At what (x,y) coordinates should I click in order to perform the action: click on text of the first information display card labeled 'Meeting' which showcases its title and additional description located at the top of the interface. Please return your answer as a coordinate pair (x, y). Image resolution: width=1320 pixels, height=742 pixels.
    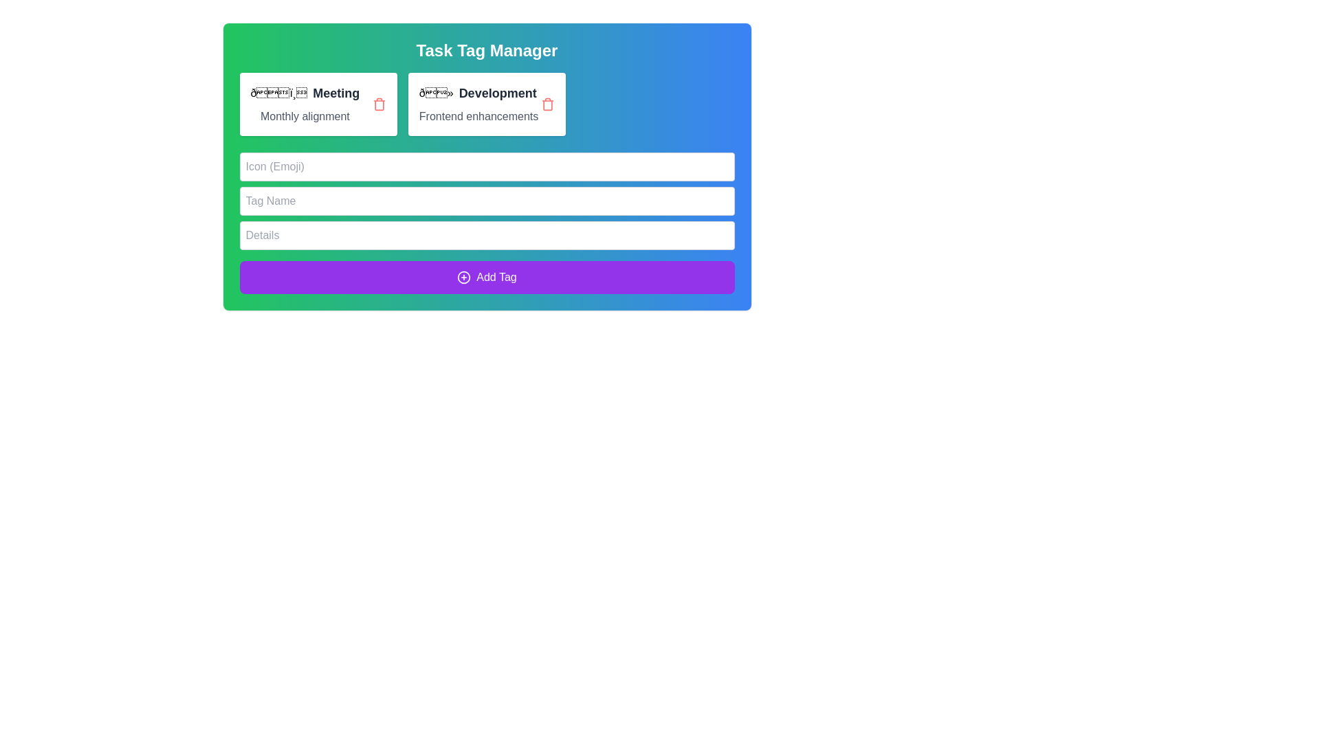
    Looking at the image, I should click on (304, 103).